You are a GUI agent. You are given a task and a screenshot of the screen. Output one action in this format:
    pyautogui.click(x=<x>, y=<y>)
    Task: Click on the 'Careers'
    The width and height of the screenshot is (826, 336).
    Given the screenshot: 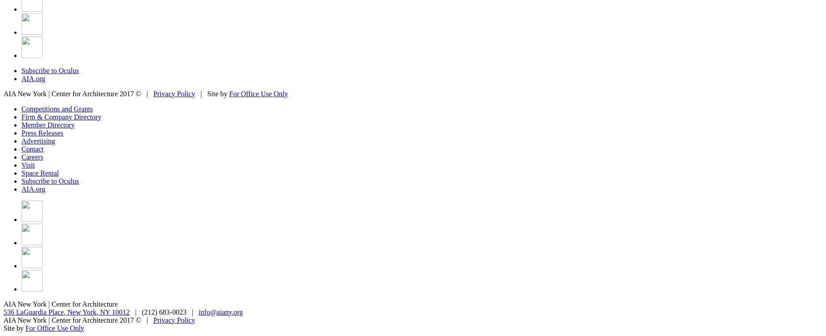 What is the action you would take?
    pyautogui.click(x=21, y=156)
    